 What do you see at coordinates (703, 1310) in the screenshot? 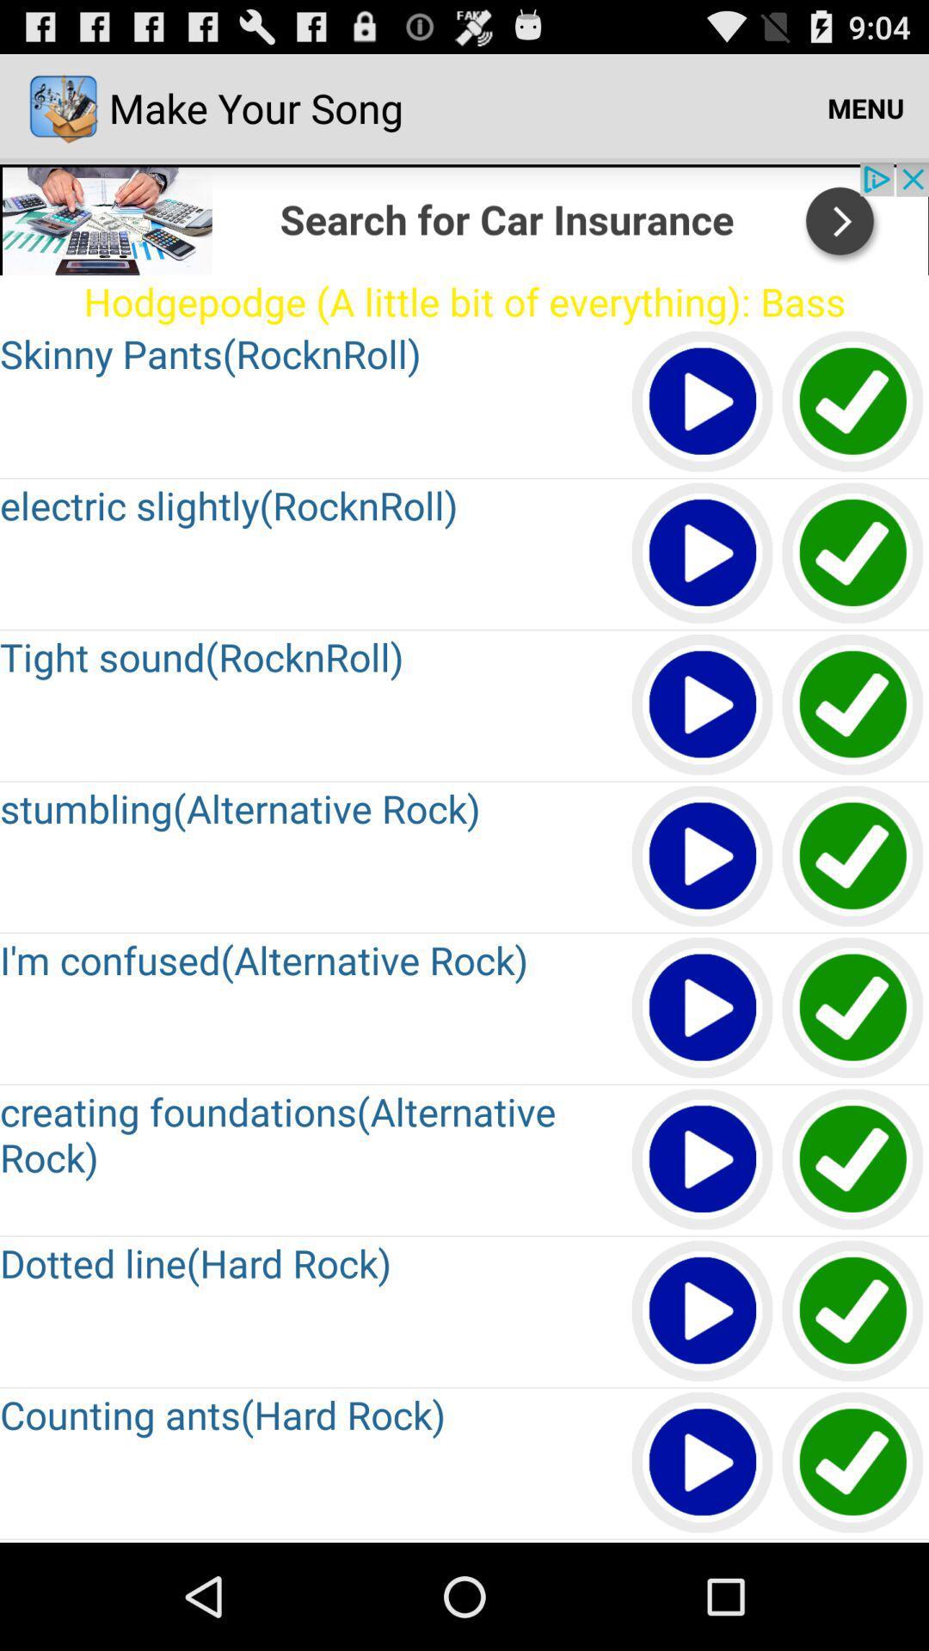
I see `click play option` at bounding box center [703, 1310].